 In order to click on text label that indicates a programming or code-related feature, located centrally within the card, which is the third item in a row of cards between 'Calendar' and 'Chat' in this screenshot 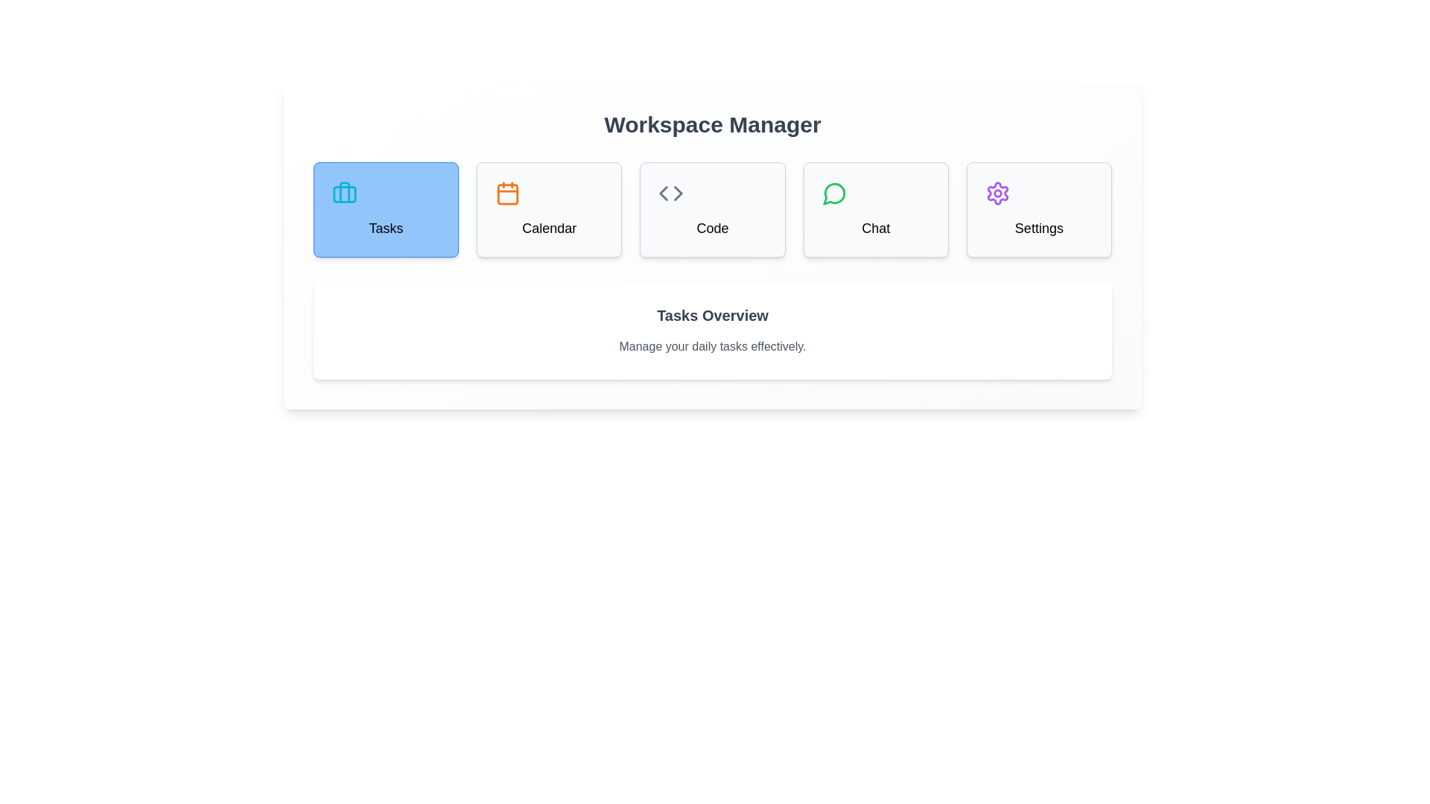, I will do `click(711, 229)`.